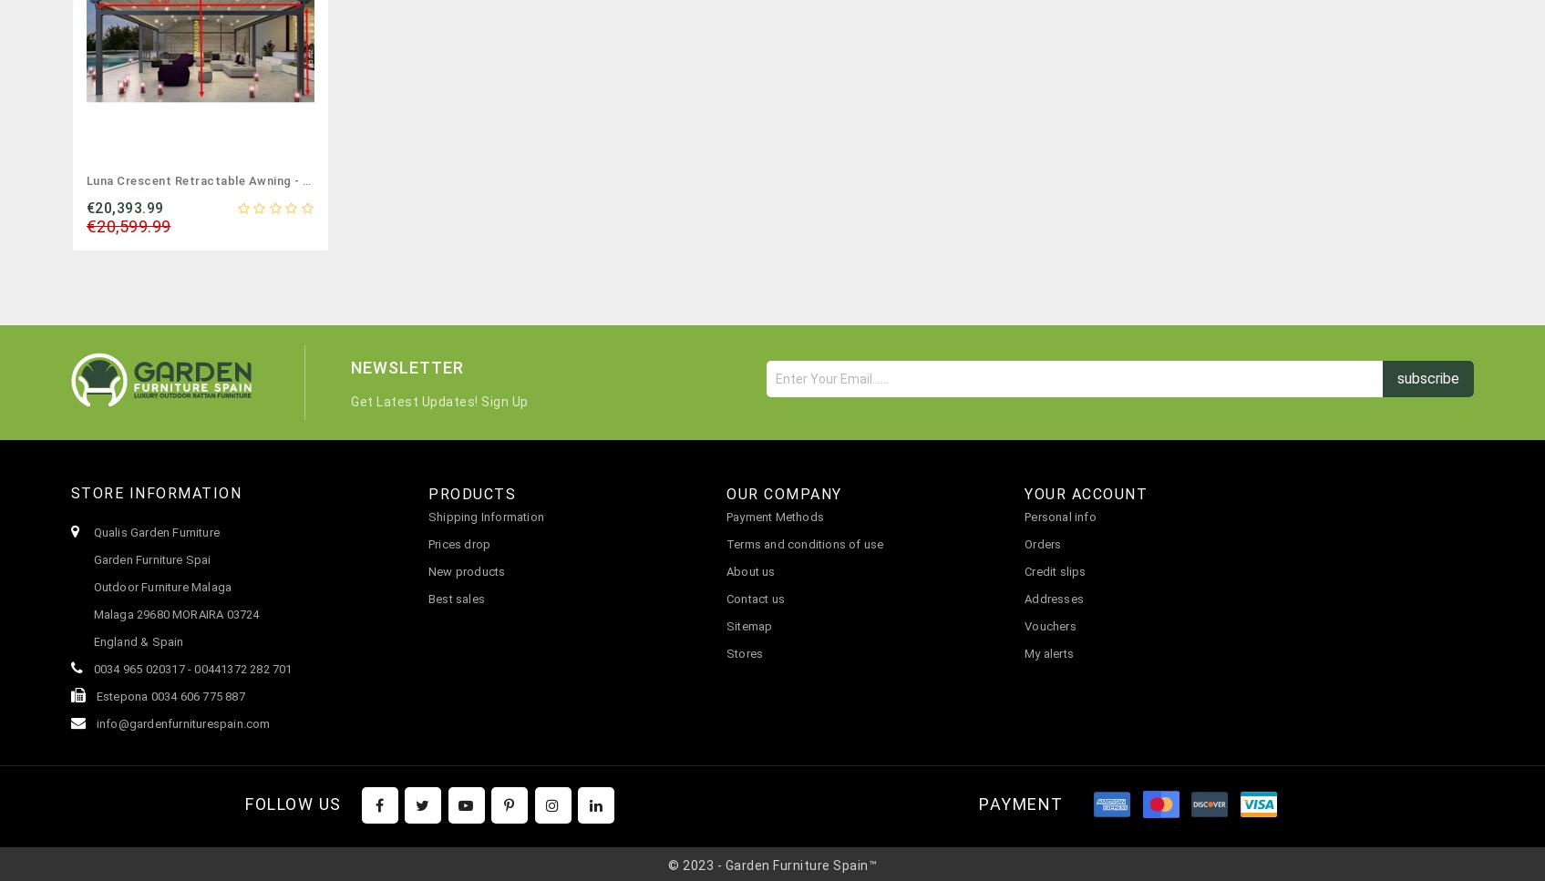 The width and height of the screenshot is (1545, 881). What do you see at coordinates (756, 597) in the screenshot?
I see `'Contact us'` at bounding box center [756, 597].